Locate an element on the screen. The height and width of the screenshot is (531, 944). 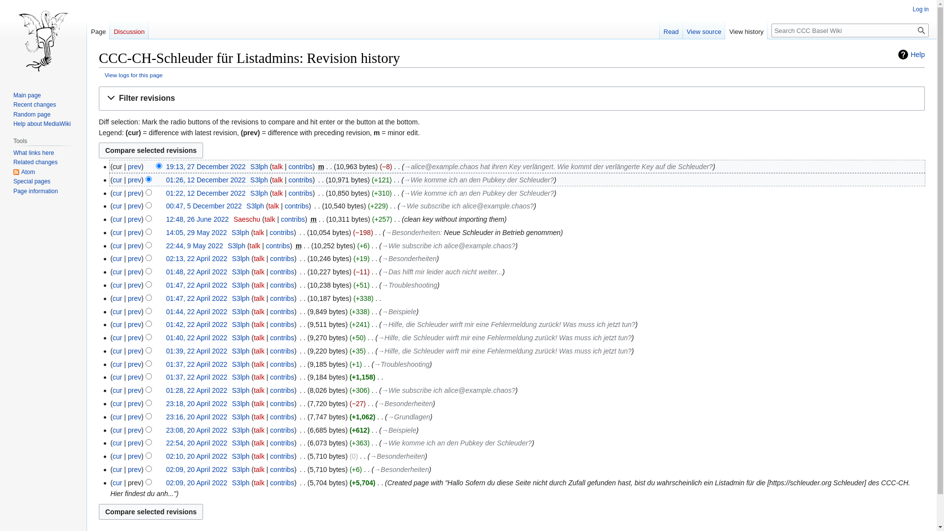
'Search CCC Basel Wiki [alt-shift-f]' is located at coordinates (849, 29).